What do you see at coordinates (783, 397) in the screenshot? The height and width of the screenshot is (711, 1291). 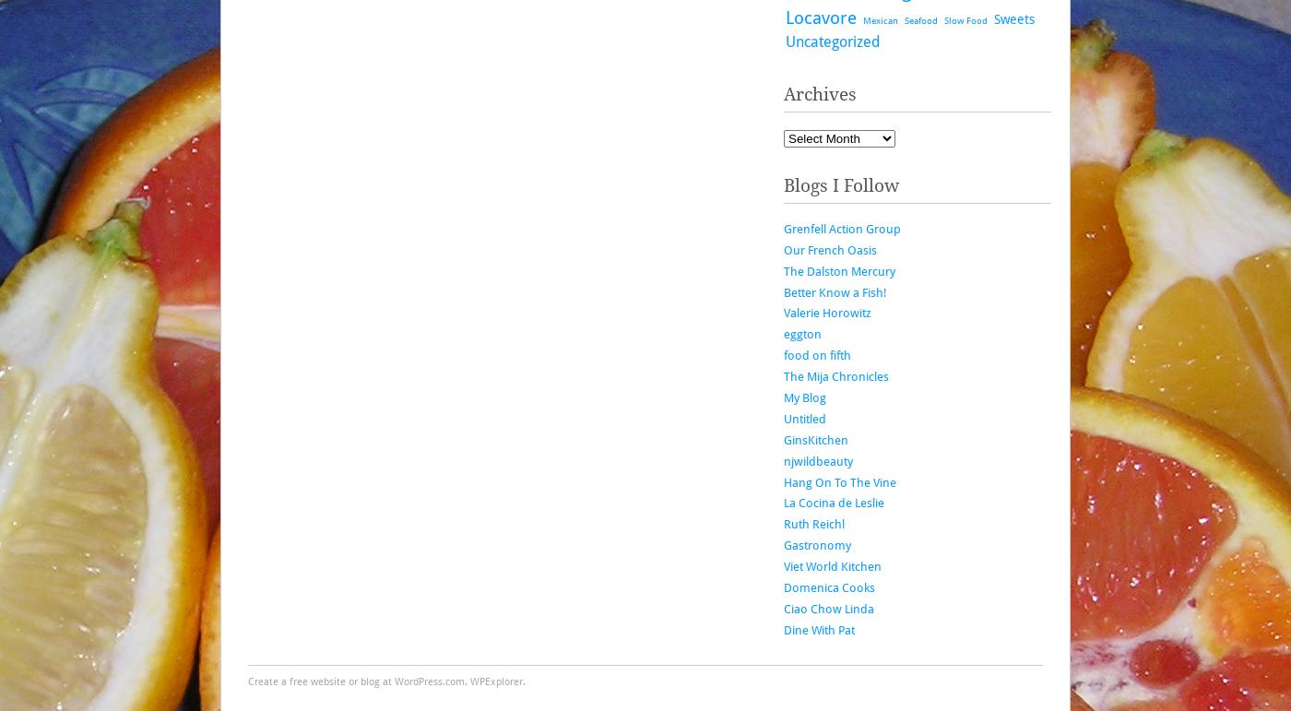 I see `'My Blog'` at bounding box center [783, 397].